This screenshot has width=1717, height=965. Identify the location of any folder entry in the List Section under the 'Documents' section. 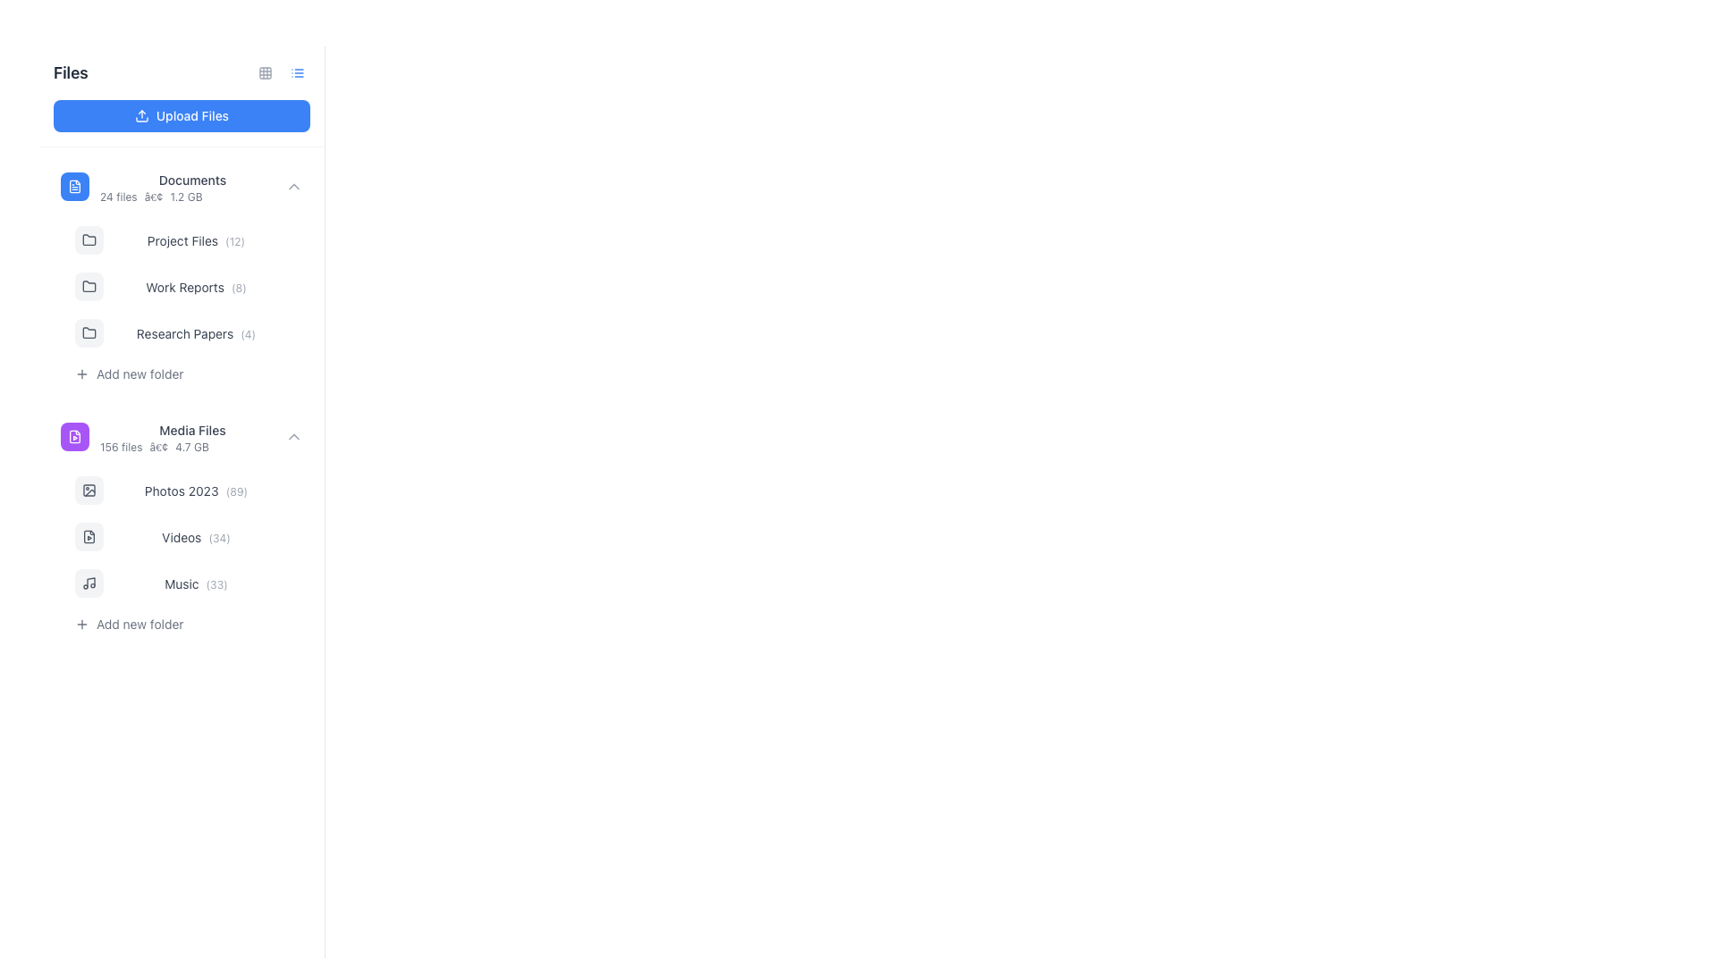
(189, 303).